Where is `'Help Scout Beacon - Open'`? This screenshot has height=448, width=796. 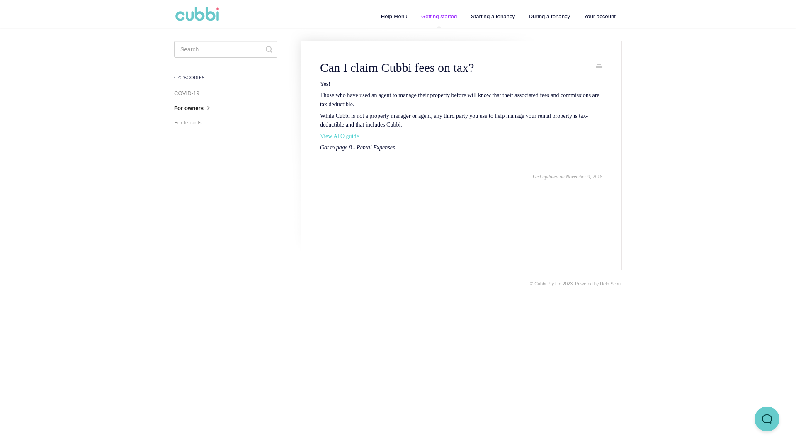
'Help Scout Beacon - Open' is located at coordinates (766, 419).